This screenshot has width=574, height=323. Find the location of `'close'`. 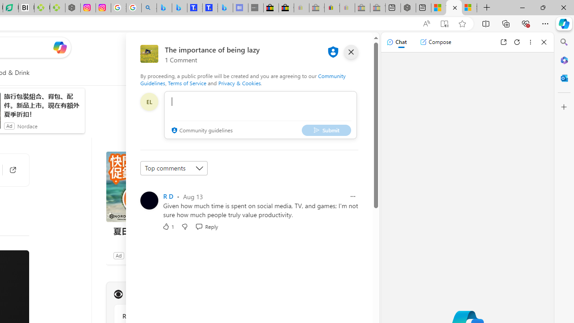

'close' is located at coordinates (350, 52).